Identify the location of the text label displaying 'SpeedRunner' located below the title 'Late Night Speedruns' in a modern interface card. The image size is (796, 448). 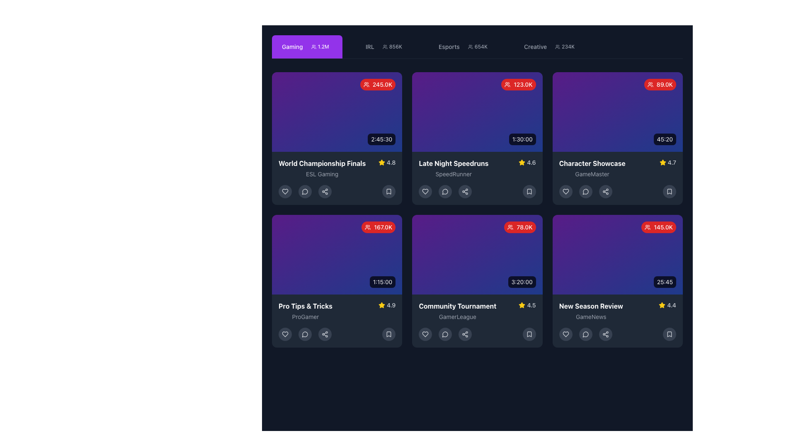
(453, 174).